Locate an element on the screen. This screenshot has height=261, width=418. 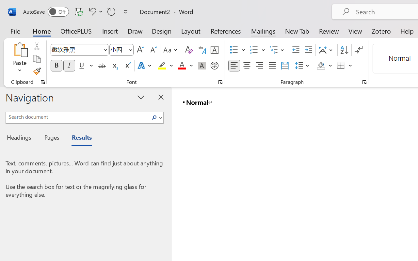
'Home' is located at coordinates (41, 31).